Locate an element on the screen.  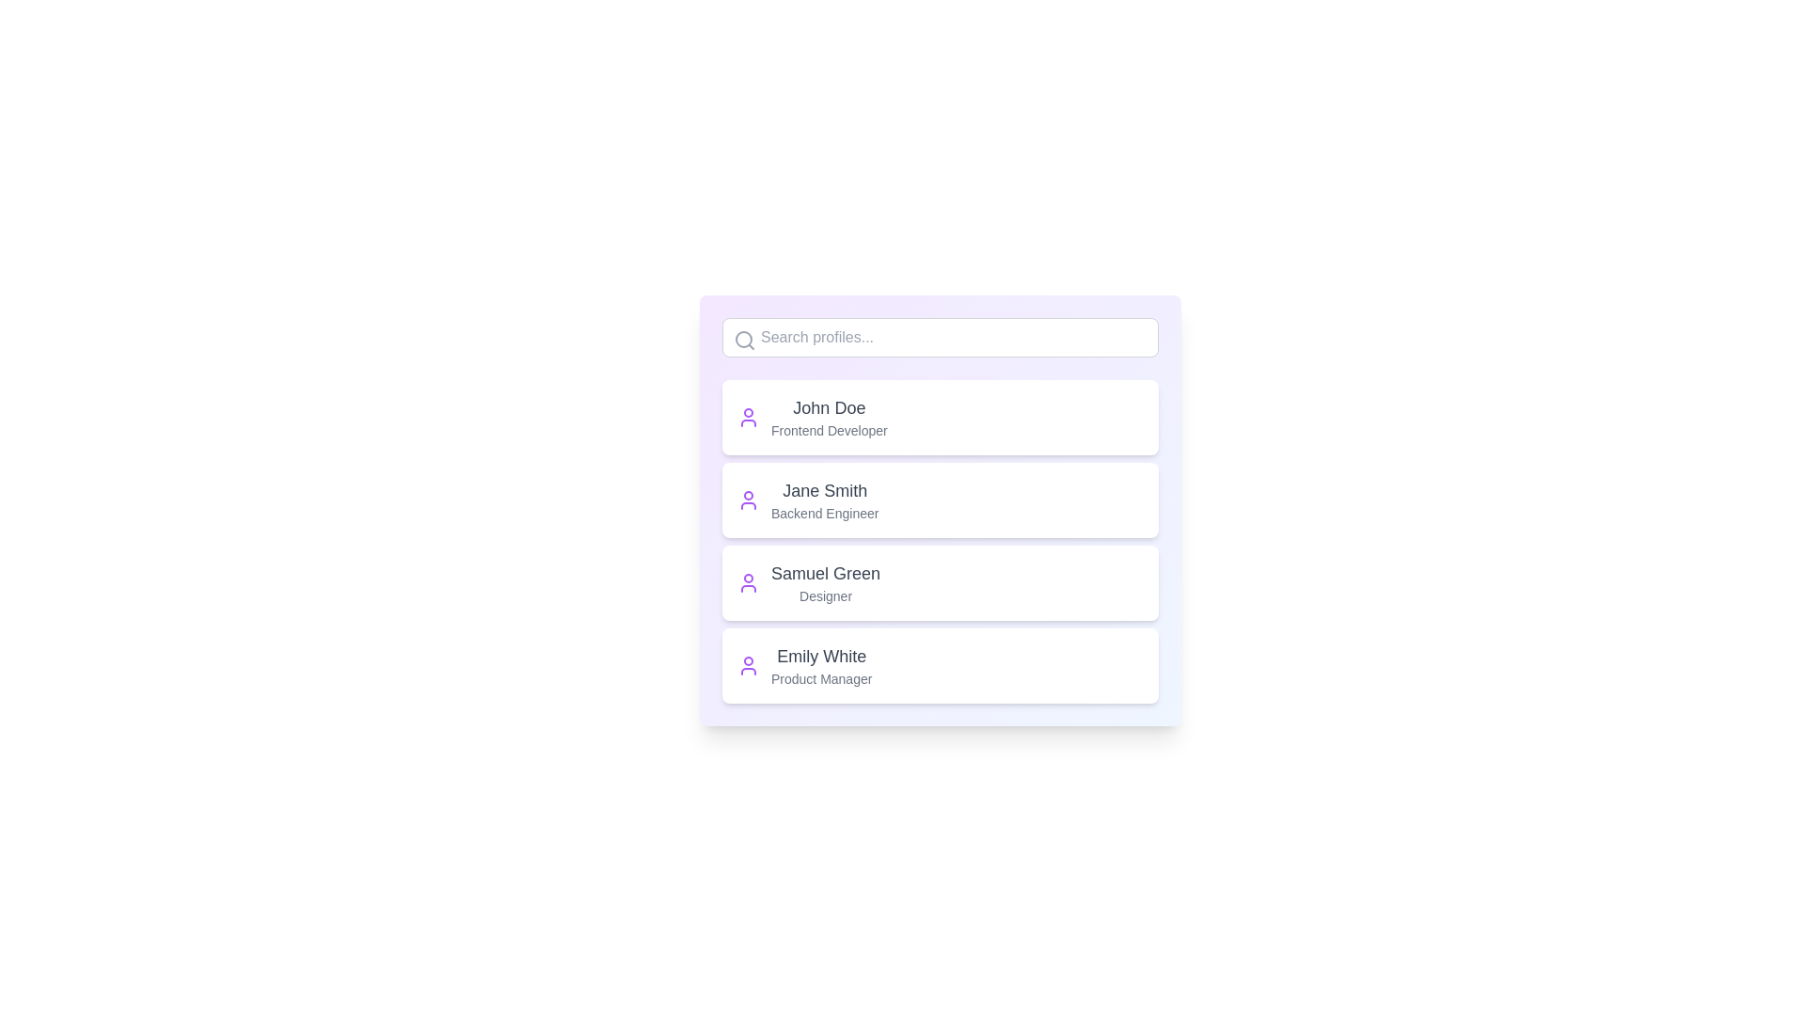
the 'Designer' label located under the name in Samuel Green's profile card, which is styled in a small muted gray font is located at coordinates (826, 595).